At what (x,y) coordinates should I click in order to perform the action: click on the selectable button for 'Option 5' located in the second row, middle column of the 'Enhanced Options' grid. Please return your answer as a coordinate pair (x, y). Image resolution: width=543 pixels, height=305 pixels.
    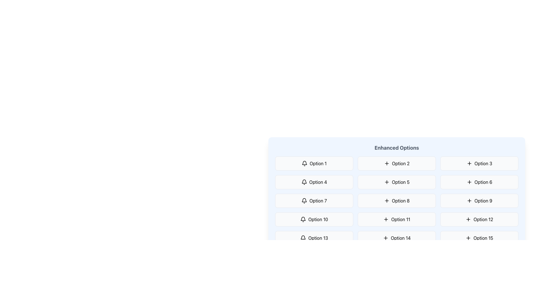
    Looking at the image, I should click on (396, 182).